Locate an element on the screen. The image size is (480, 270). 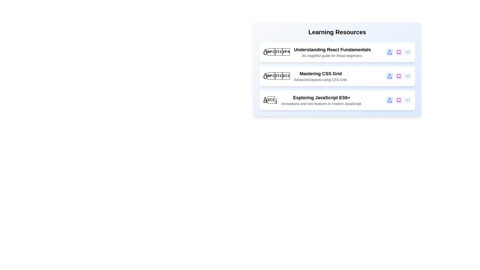
the item Exploring JavaScript ES6+ to observe the hover effect is located at coordinates (337, 100).